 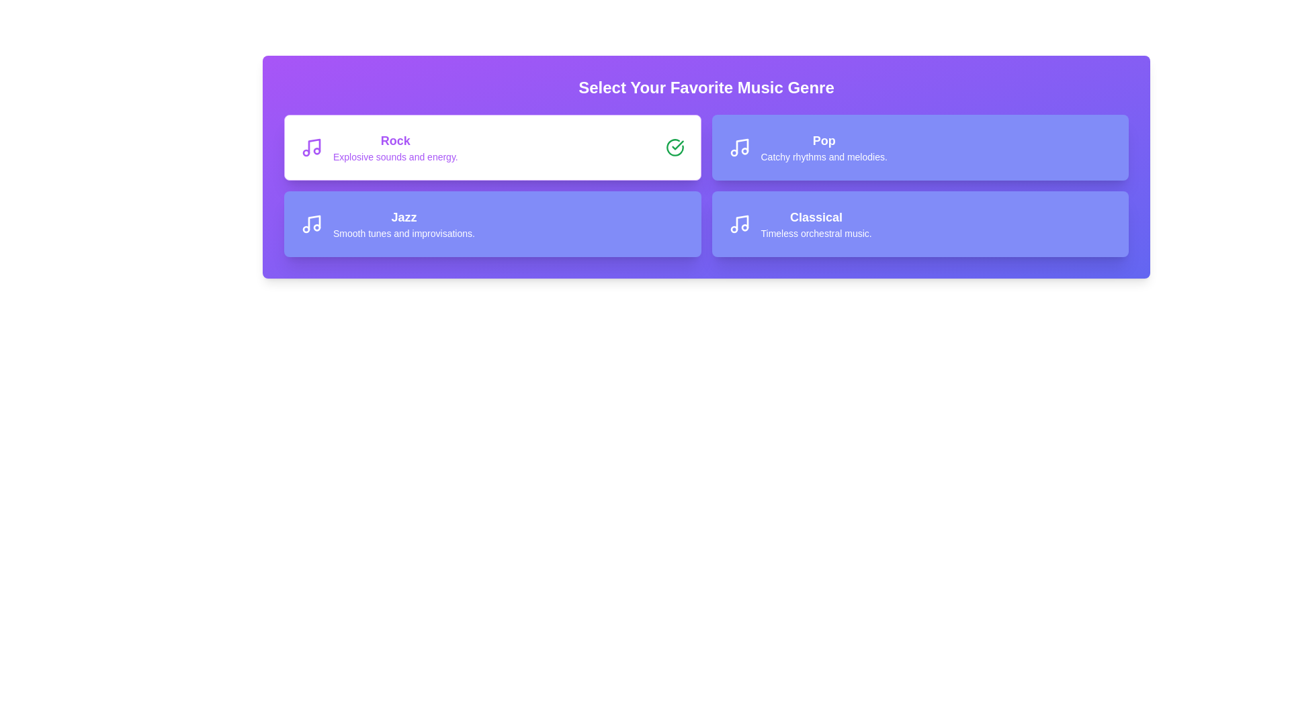 What do you see at coordinates (741, 146) in the screenshot?
I see `the vertical part of the musical note icon that represents the 'Pop' genre in the top-right quadrant of the interface` at bounding box center [741, 146].